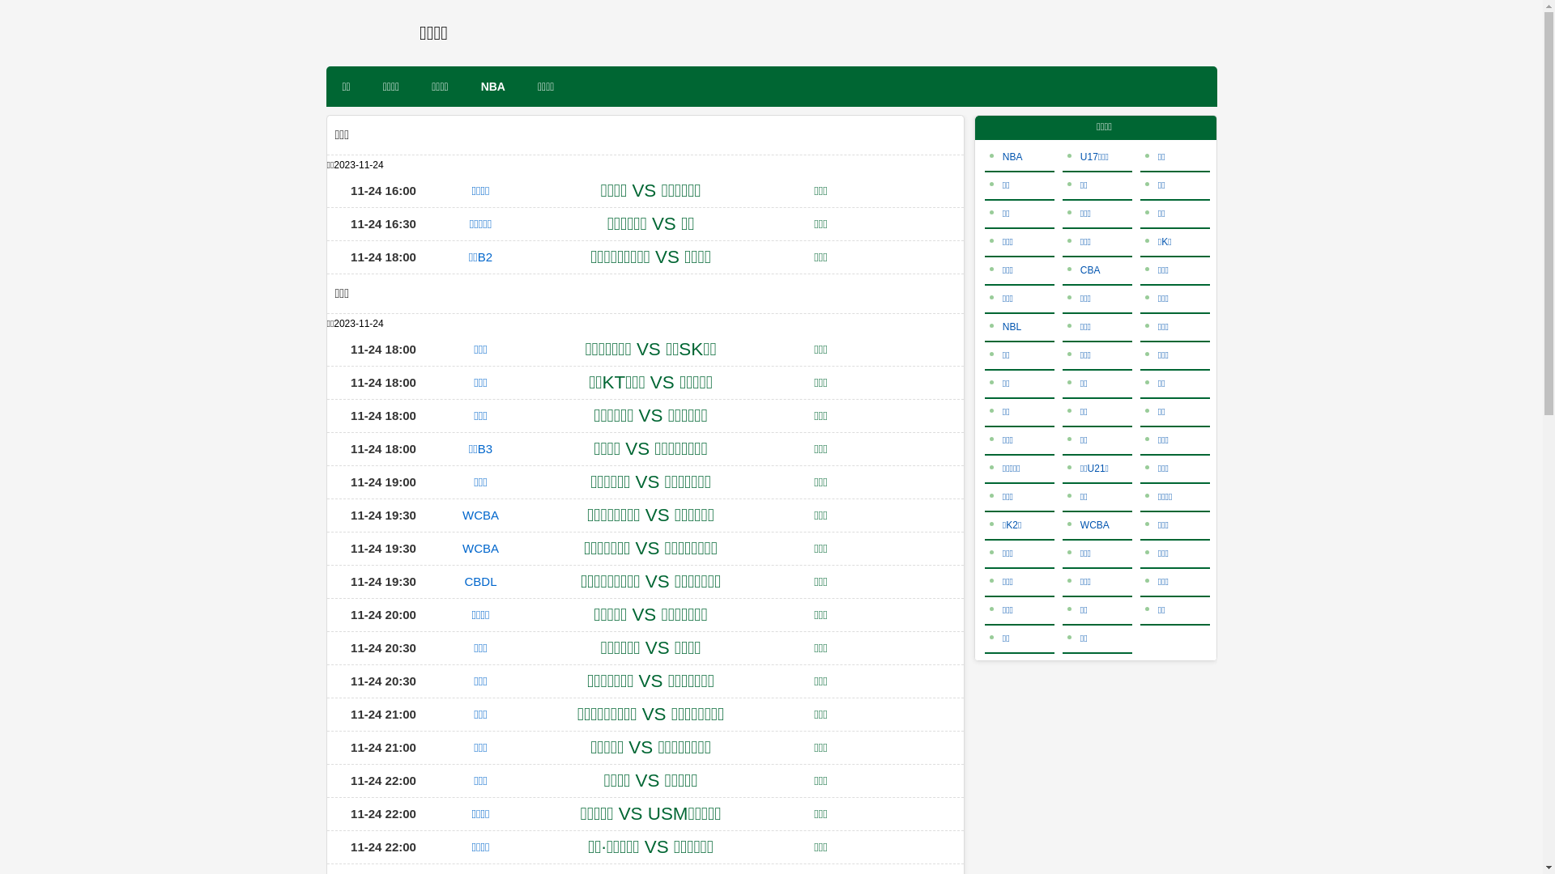 The height and width of the screenshot is (874, 1555). I want to click on 'NBA', so click(492, 87).